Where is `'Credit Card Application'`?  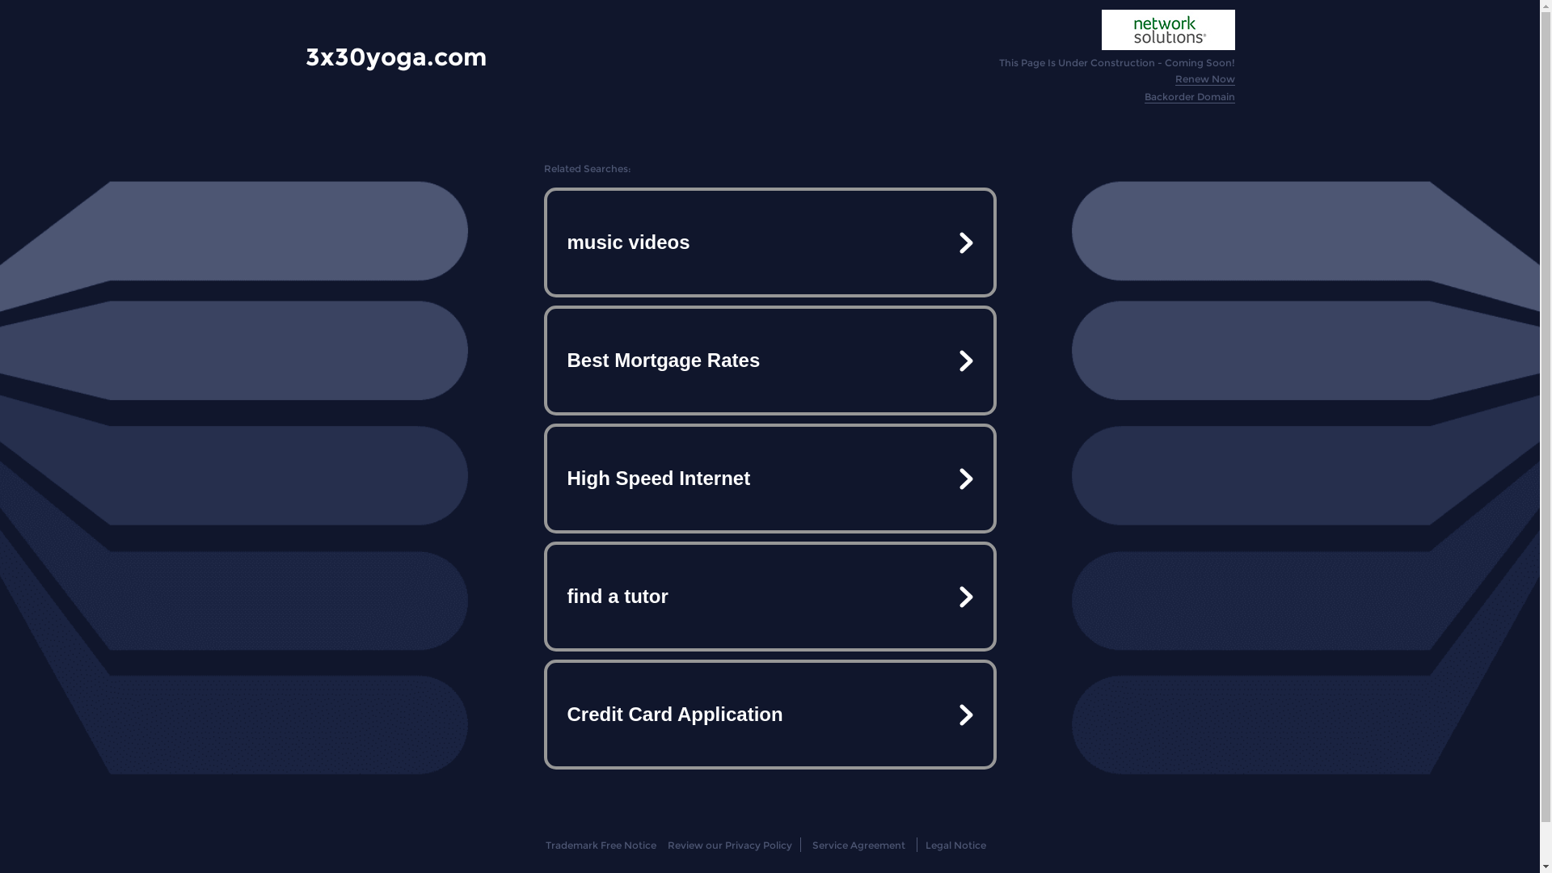 'Credit Card Application' is located at coordinates (768, 713).